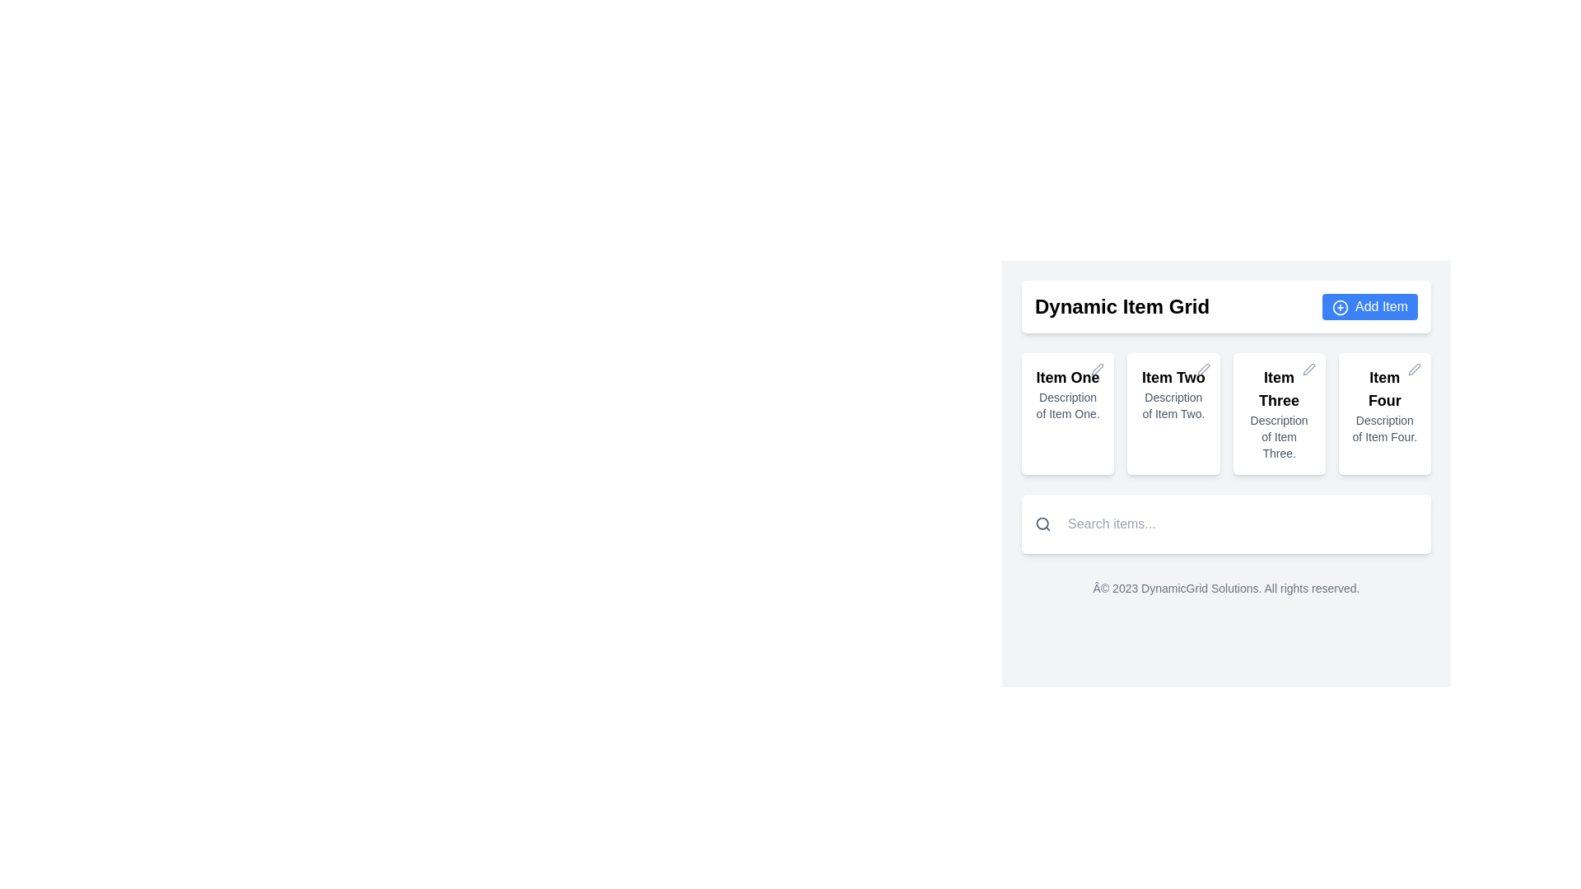 The height and width of the screenshot is (889, 1581). Describe the element at coordinates (1340, 307) in the screenshot. I see `the circular plus icon with a white fill and blue outline located near the left edge of the 'Add Item' button in the top right corner of the interface to invoke the add action` at that location.